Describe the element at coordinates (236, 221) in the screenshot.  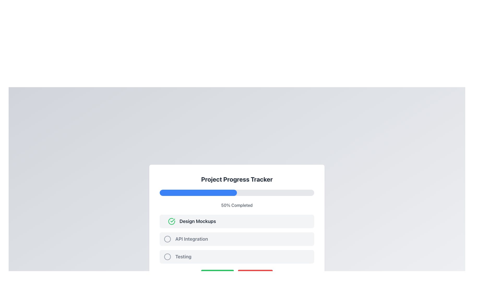
I see `the labeled task card element displaying 'Design Mockups' with a green checkmark icon` at that location.